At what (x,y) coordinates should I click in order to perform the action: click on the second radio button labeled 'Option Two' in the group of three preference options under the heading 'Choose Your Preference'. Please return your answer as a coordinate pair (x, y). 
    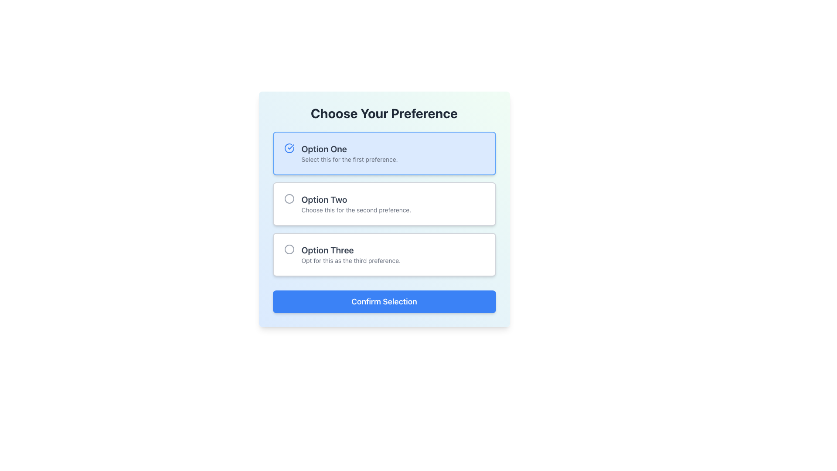
    Looking at the image, I should click on (384, 204).